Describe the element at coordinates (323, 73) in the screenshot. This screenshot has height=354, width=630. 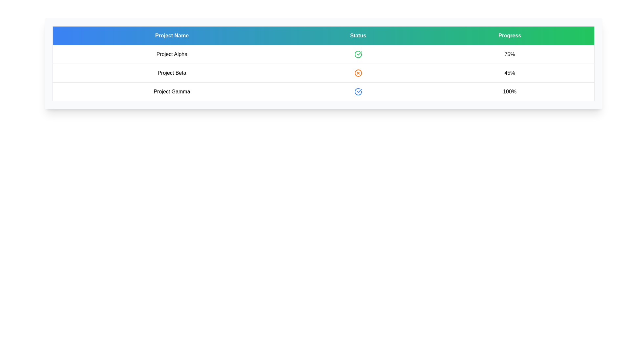
I see `the row corresponding to Project Beta` at that location.